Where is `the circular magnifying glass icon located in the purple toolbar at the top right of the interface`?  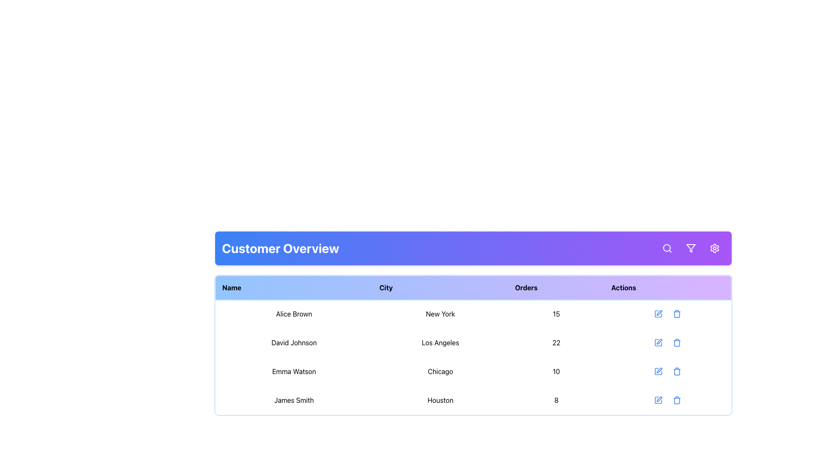
the circular magnifying glass icon located in the purple toolbar at the top right of the interface is located at coordinates (666, 248).